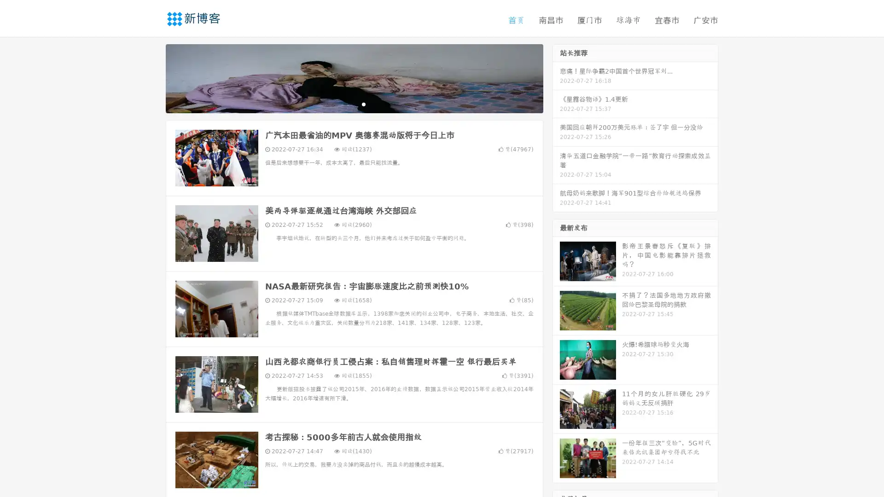 This screenshot has width=884, height=497. What do you see at coordinates (363, 104) in the screenshot?
I see `Go to slide 3` at bounding box center [363, 104].